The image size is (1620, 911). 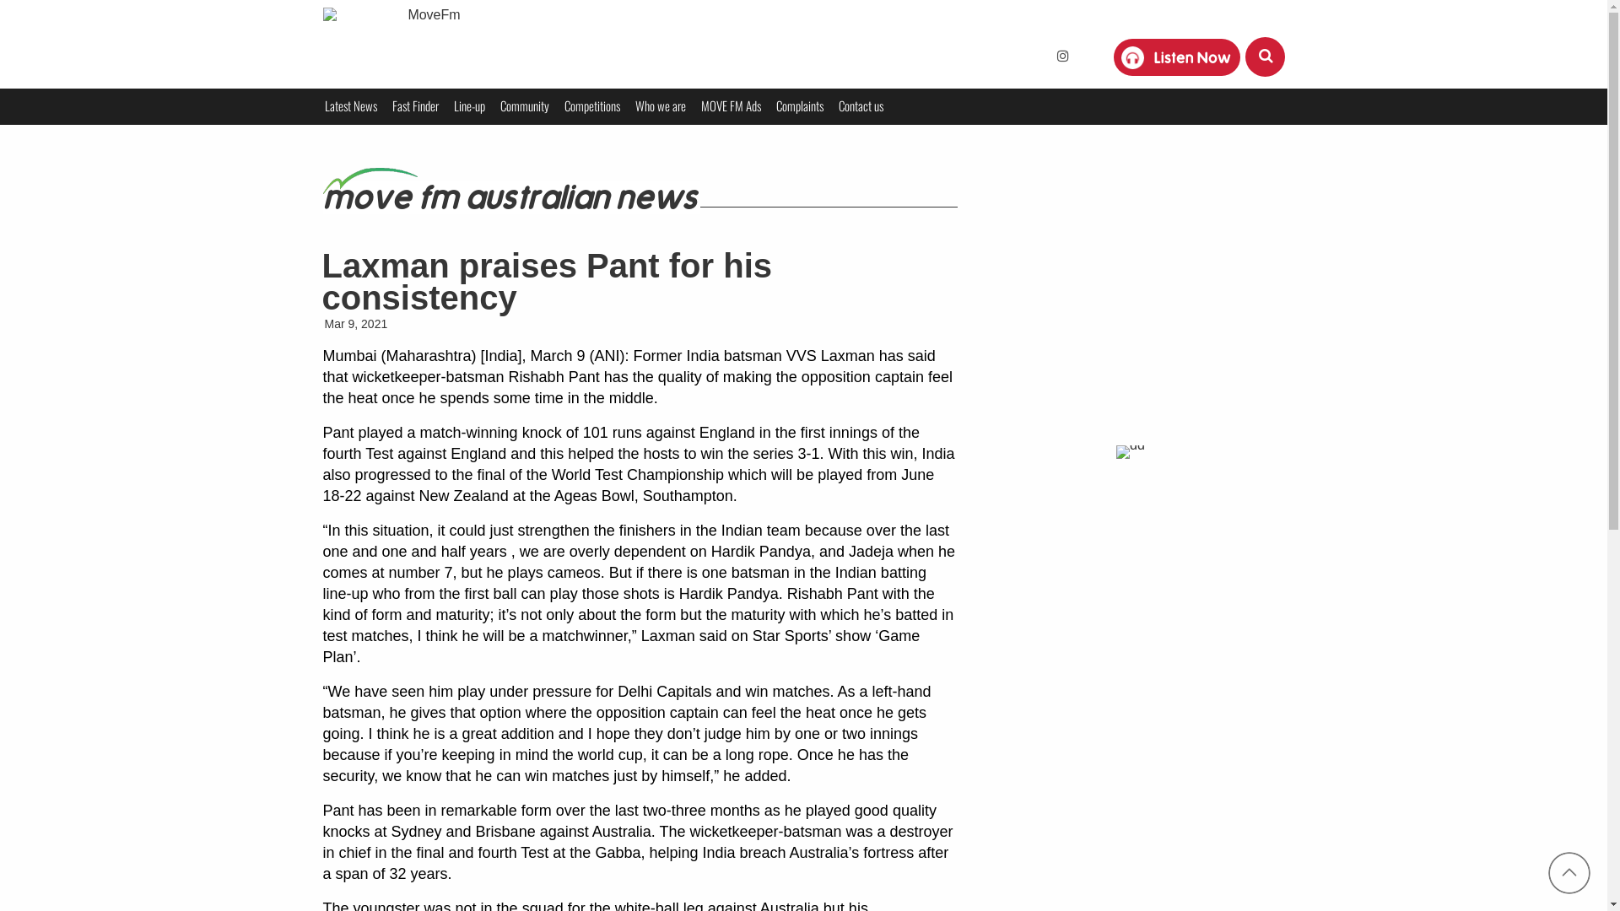 I want to click on 'Listen Now', so click(x=1191, y=57).